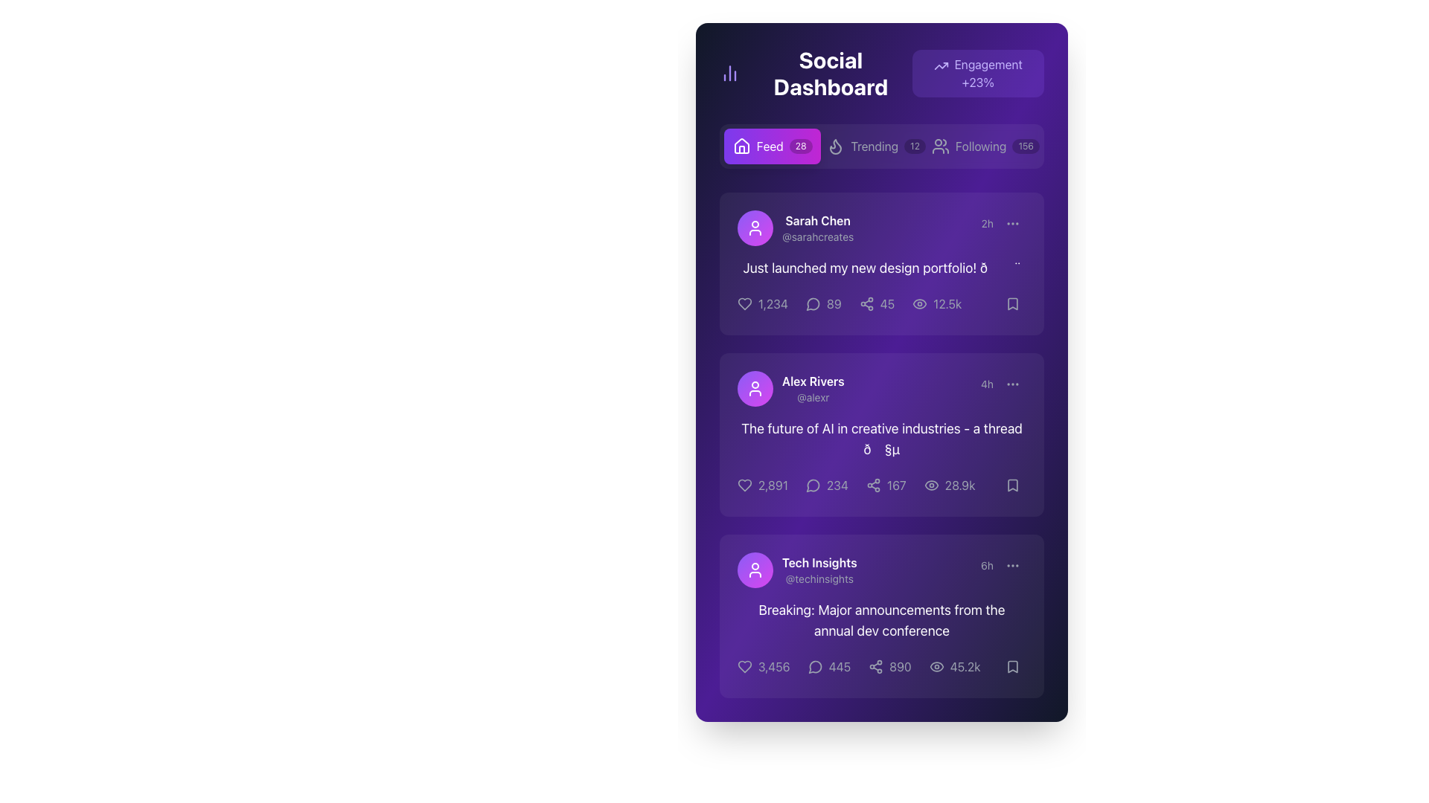  I want to click on the interactive ellipsis icon located next to the '6h' timestamp in the bottom right corner of the 'Tech Insights' card to activate the action menu, so click(1003, 565).